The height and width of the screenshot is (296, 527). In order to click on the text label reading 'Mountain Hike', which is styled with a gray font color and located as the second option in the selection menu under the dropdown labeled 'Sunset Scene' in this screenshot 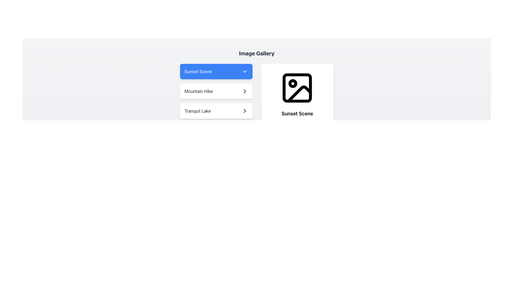, I will do `click(198, 91)`.